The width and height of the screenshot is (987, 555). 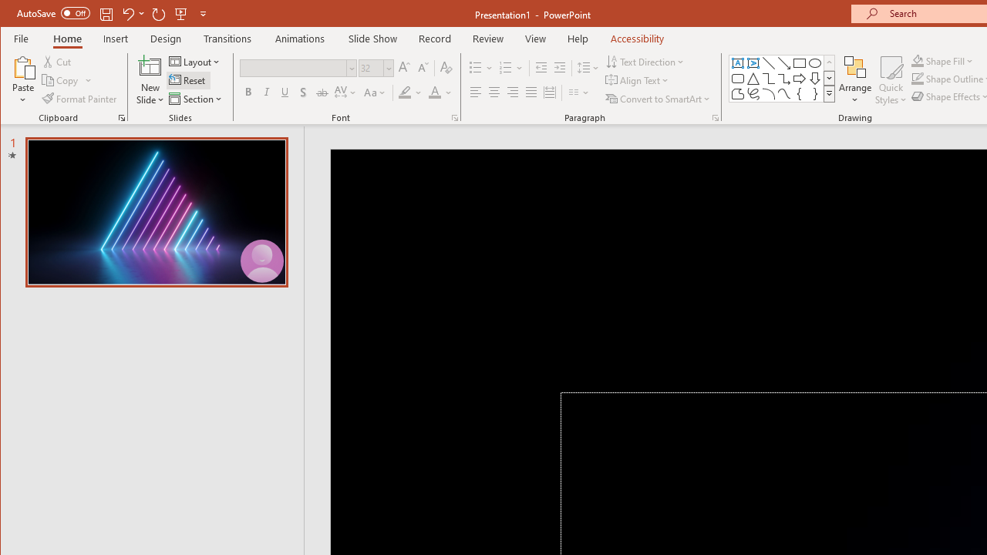 I want to click on 'Text Box', so click(x=736, y=62).